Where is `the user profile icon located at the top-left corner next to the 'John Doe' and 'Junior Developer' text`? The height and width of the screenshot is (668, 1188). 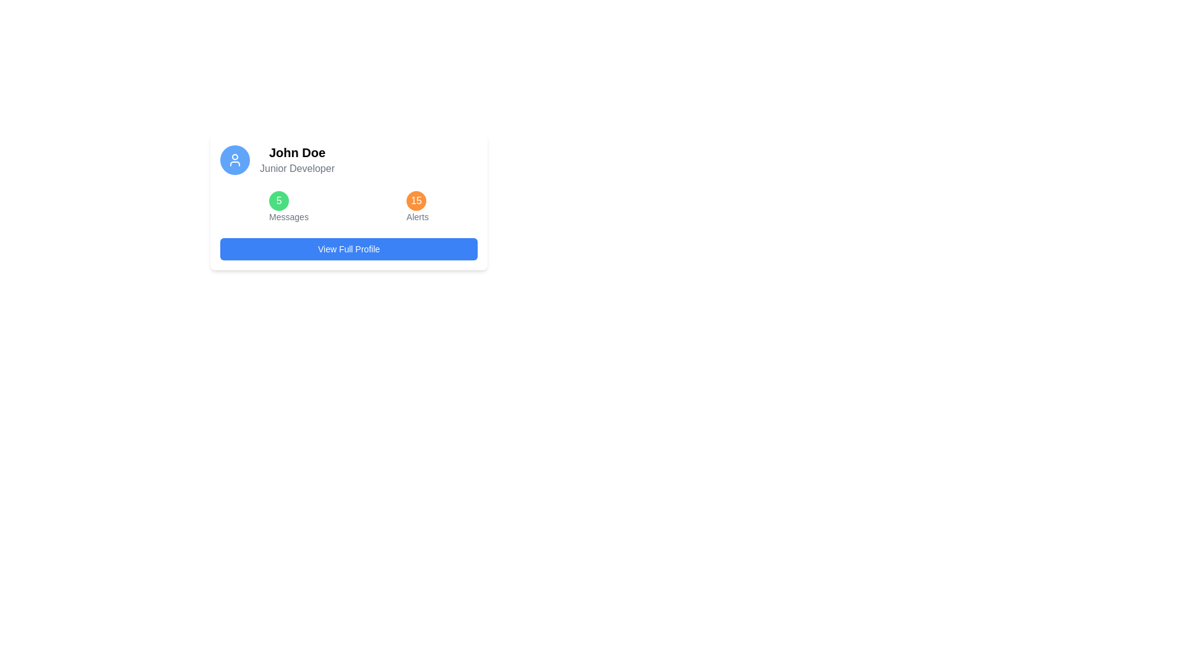
the user profile icon located at the top-left corner next to the 'John Doe' and 'Junior Developer' text is located at coordinates (235, 159).